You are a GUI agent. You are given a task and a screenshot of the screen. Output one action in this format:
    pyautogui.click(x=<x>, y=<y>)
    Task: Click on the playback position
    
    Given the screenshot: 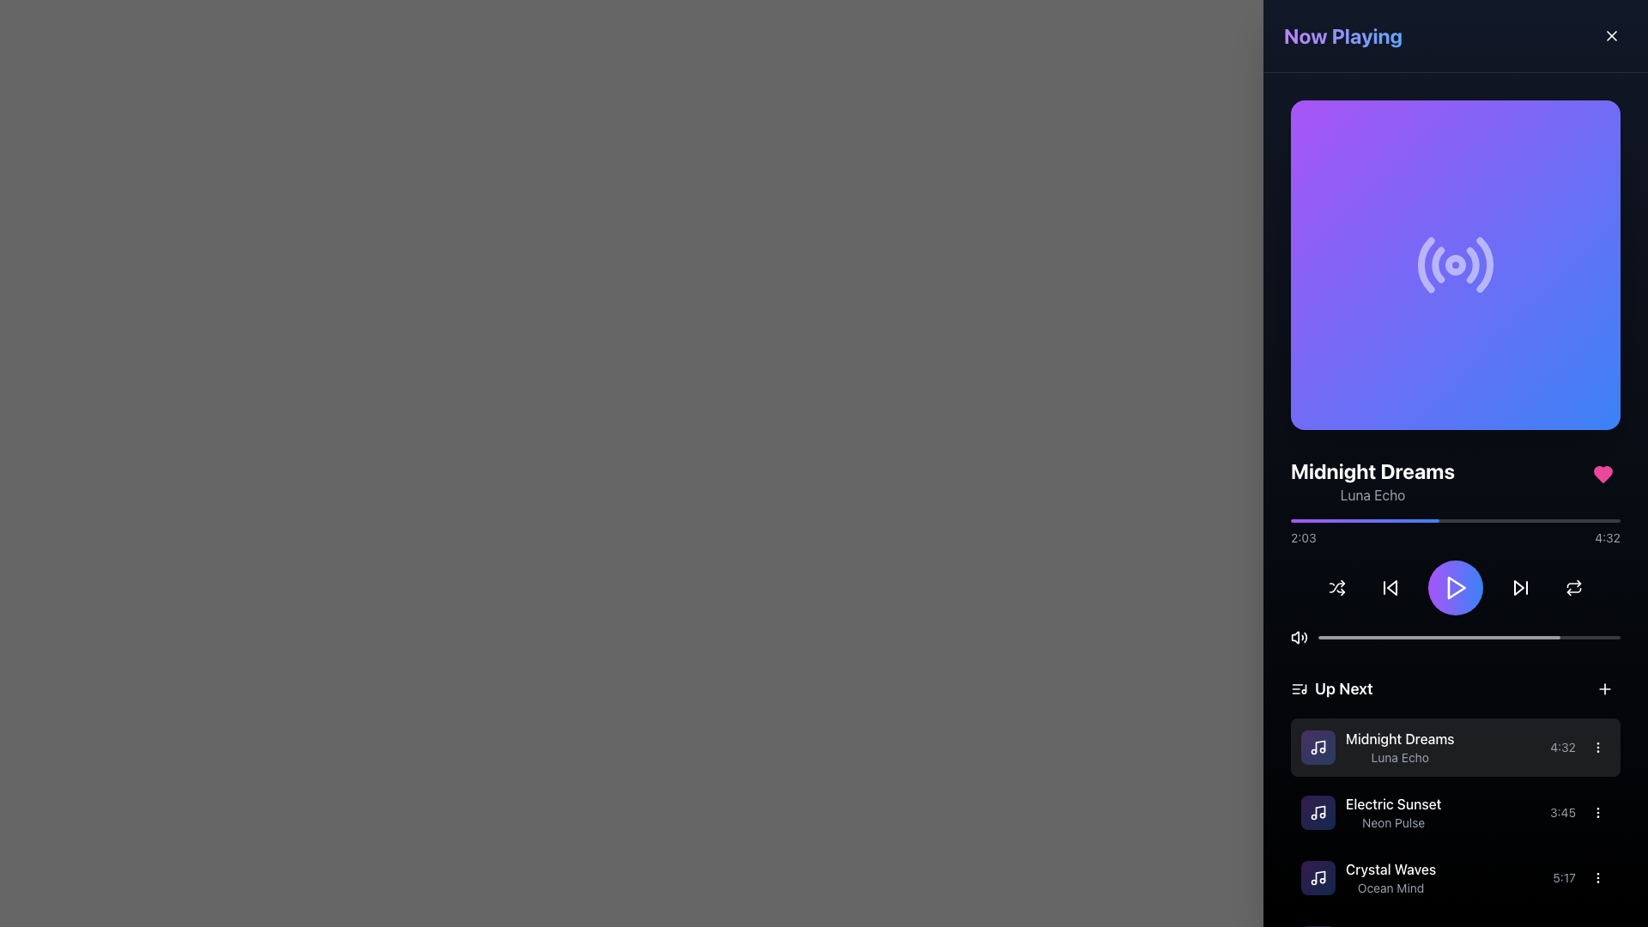 What is the action you would take?
    pyautogui.click(x=1378, y=638)
    